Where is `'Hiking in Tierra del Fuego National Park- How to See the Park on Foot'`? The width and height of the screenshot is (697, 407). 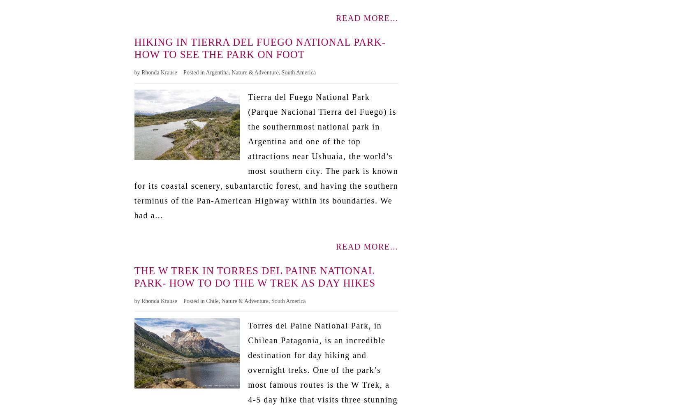
'Hiking in Tierra del Fuego National Park- How to See the Park on Foot' is located at coordinates (259, 47).